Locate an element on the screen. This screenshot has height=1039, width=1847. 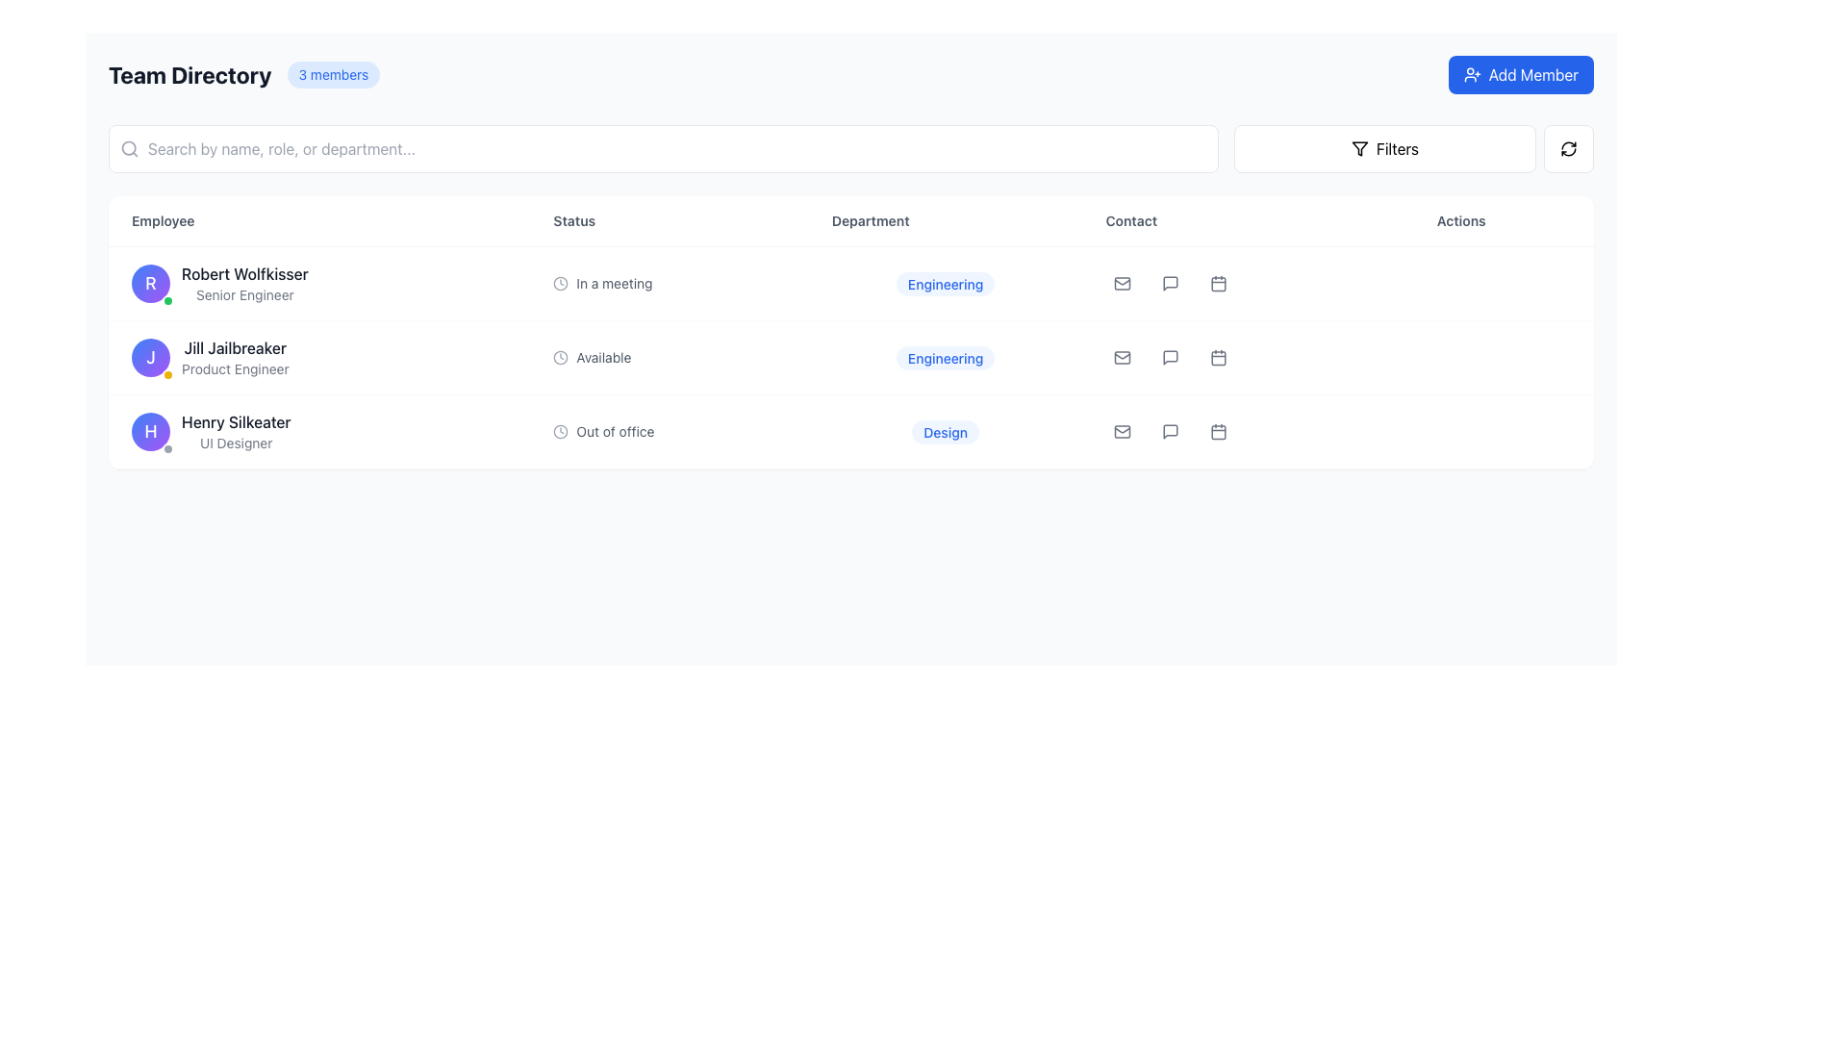
the button in the 'Actions' column of the last row in the 'Team Directory' table for 'Henry Silkeater' is located at coordinates (1503, 430).